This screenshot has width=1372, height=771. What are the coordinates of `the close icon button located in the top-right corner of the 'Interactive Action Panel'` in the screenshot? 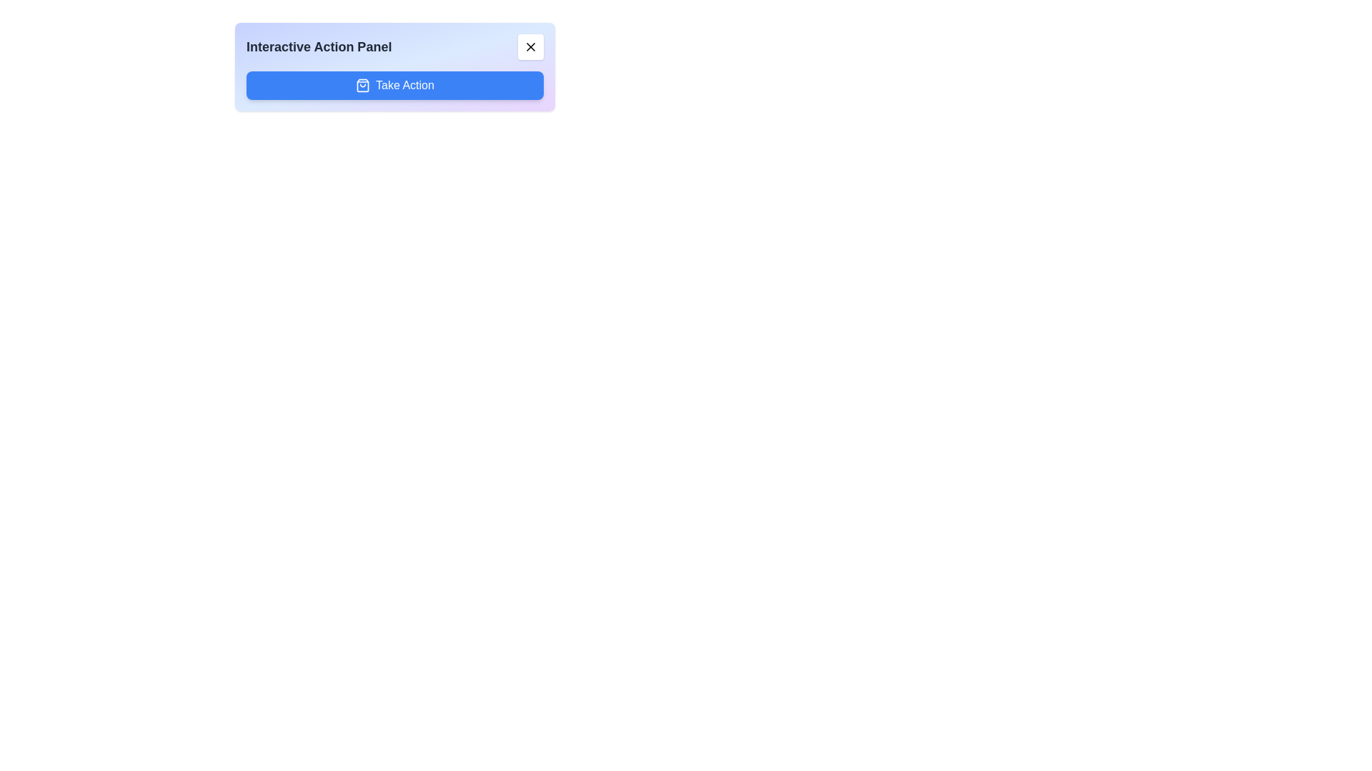 It's located at (530, 46).